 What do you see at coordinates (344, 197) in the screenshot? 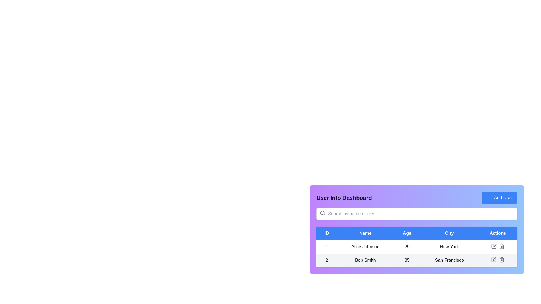
I see `text from the bold label displaying 'User Info Dashboard' located in the header section adjacent to the 'Add User' button` at bounding box center [344, 197].